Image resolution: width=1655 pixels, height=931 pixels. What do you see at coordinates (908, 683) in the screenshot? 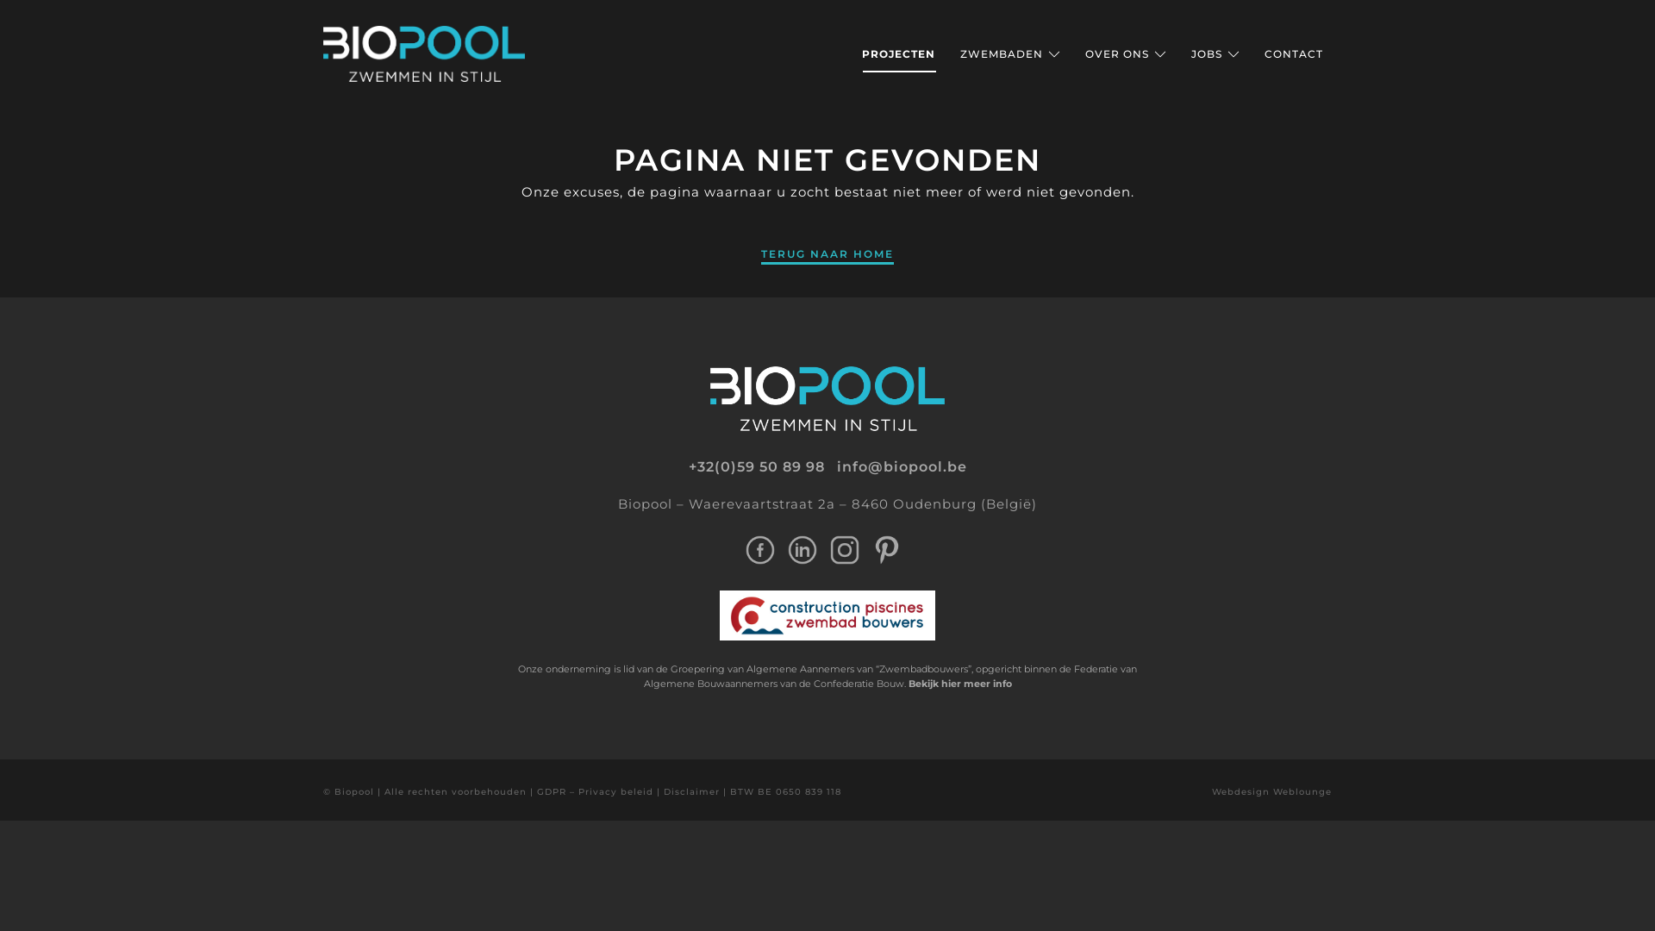
I see `'Bekijk hier meer info'` at bounding box center [908, 683].